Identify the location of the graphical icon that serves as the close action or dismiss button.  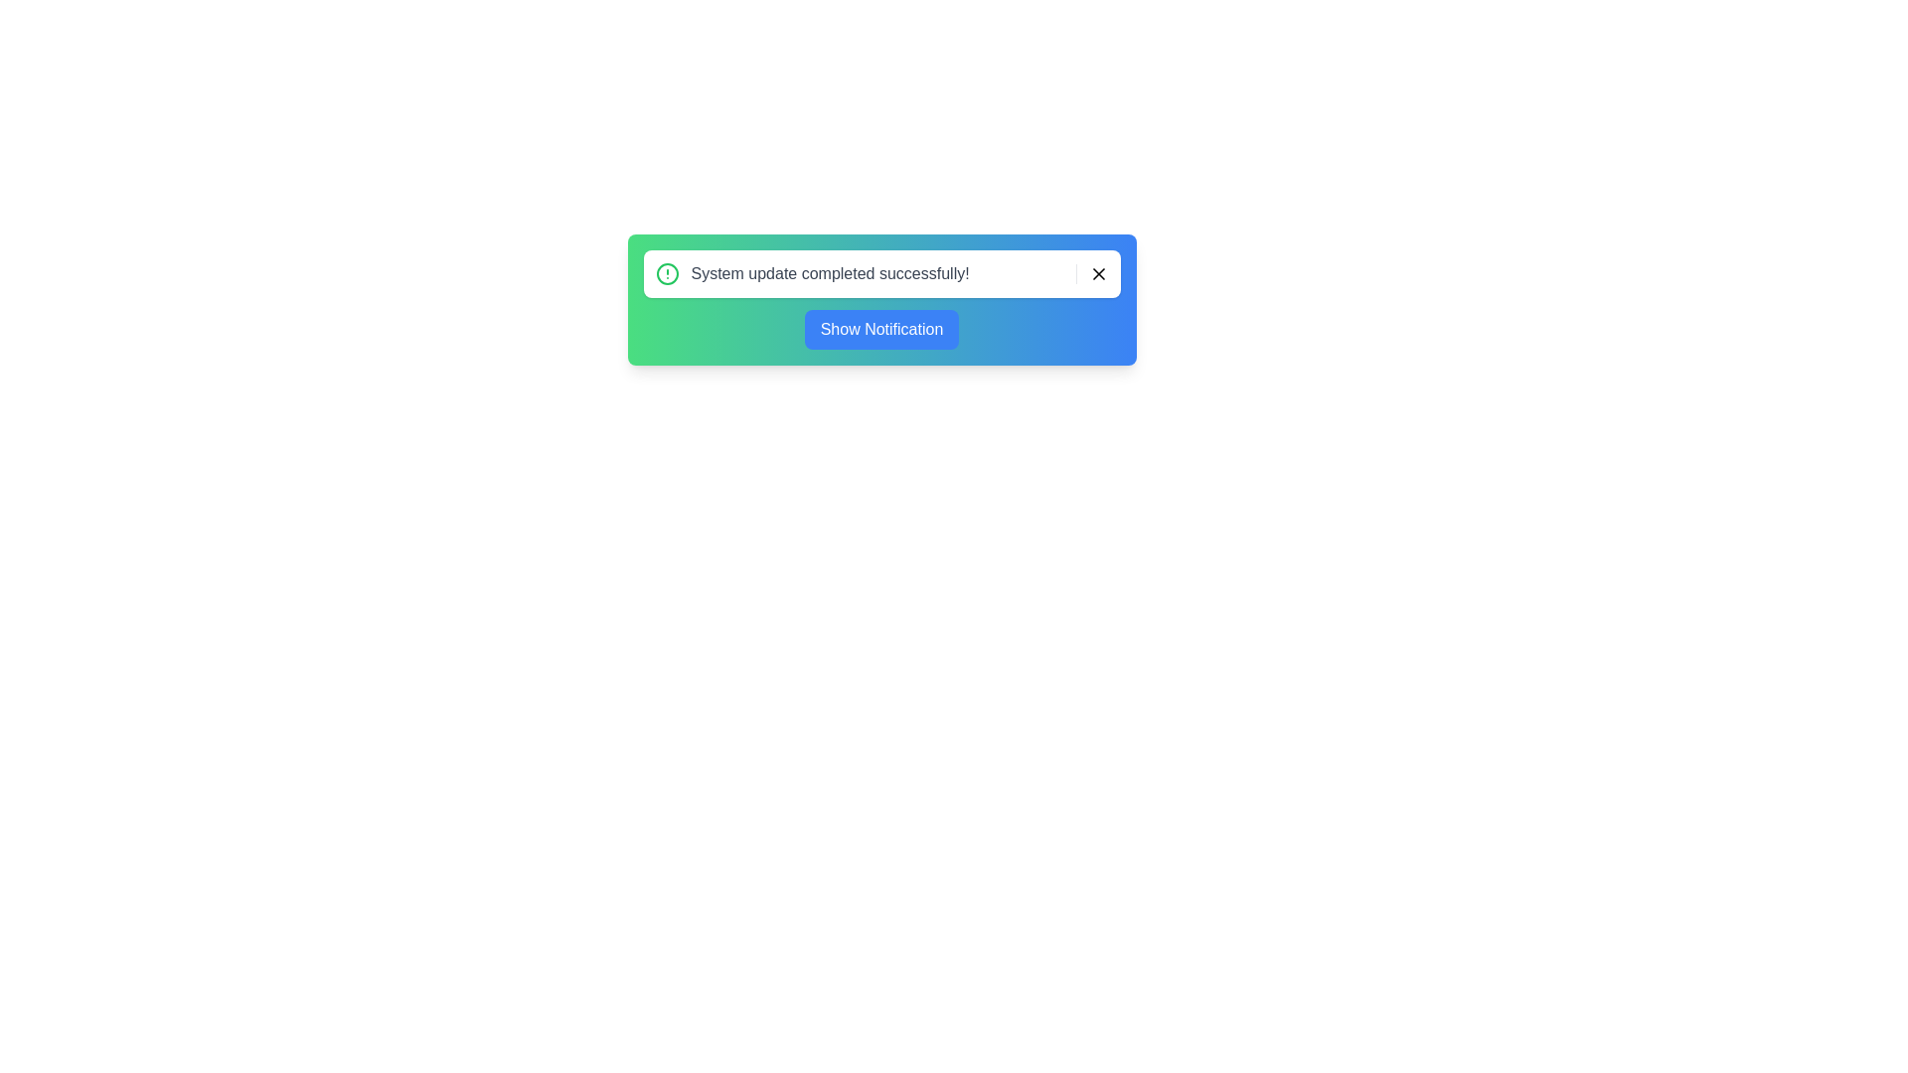
(1097, 274).